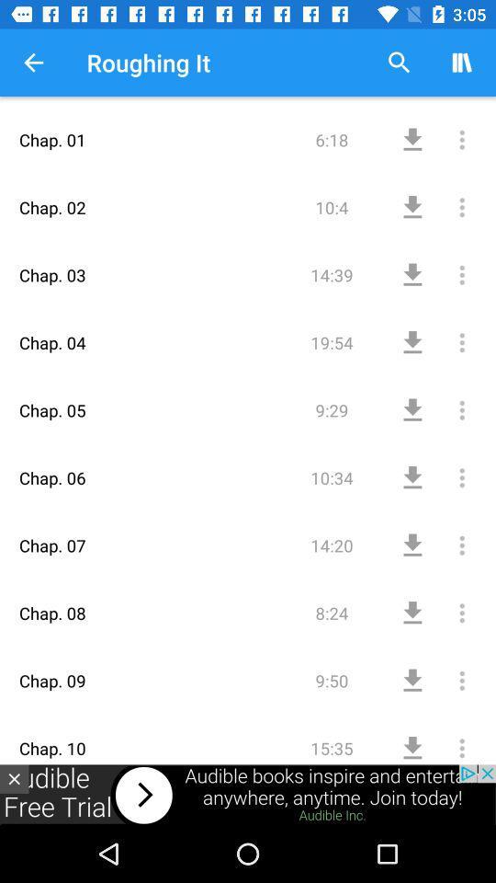 The width and height of the screenshot is (496, 883). What do you see at coordinates (442, 330) in the screenshot?
I see `the more icon` at bounding box center [442, 330].